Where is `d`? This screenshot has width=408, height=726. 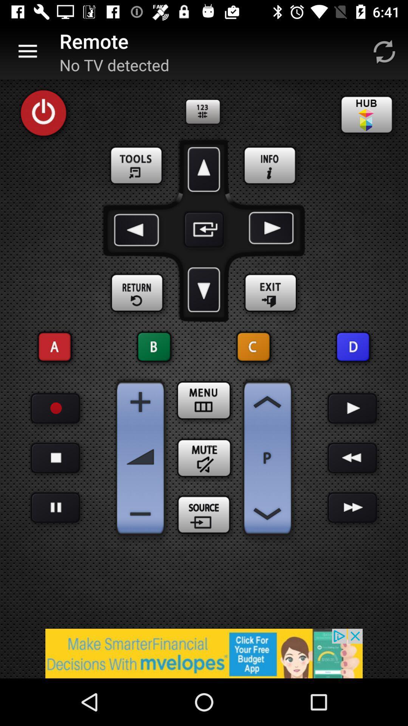 d is located at coordinates (353, 346).